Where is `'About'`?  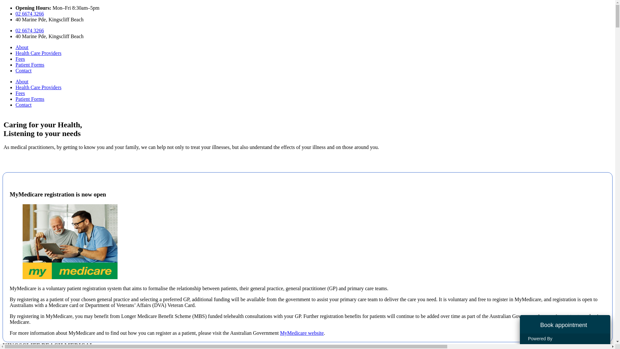 'About' is located at coordinates (22, 47).